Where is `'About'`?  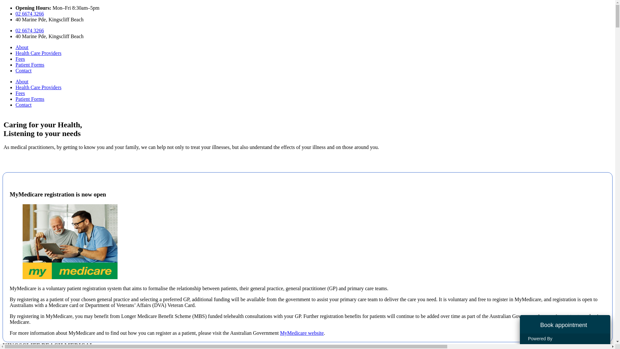 'About' is located at coordinates (22, 47).